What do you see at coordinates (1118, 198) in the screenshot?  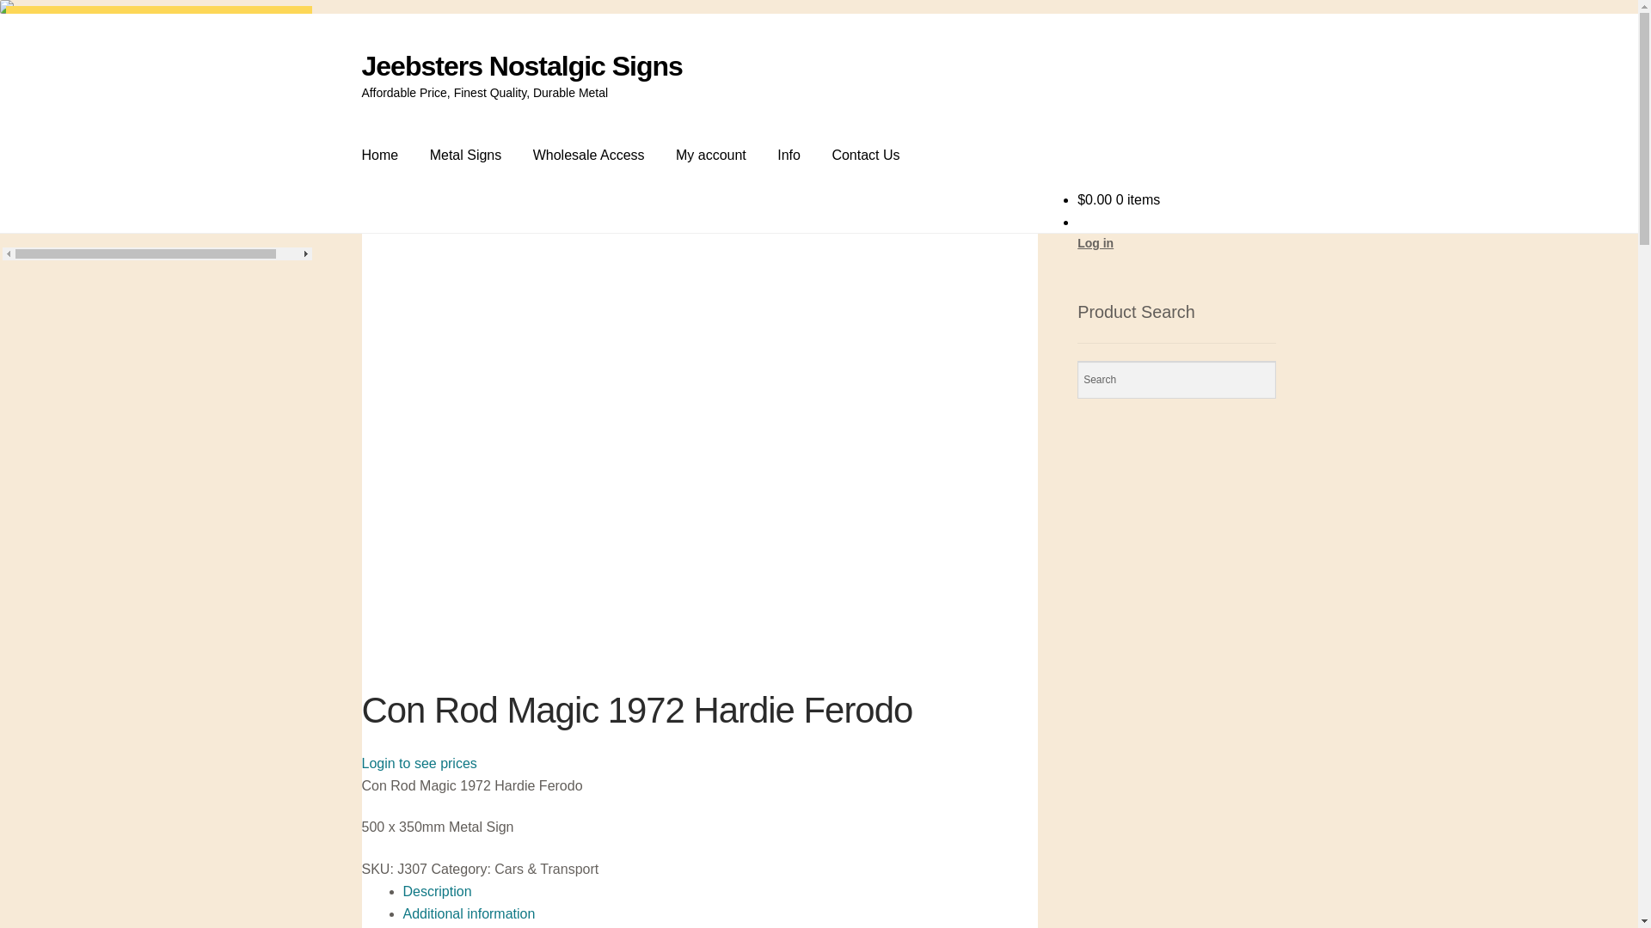 I see `'$0.00 0 items'` at bounding box center [1118, 198].